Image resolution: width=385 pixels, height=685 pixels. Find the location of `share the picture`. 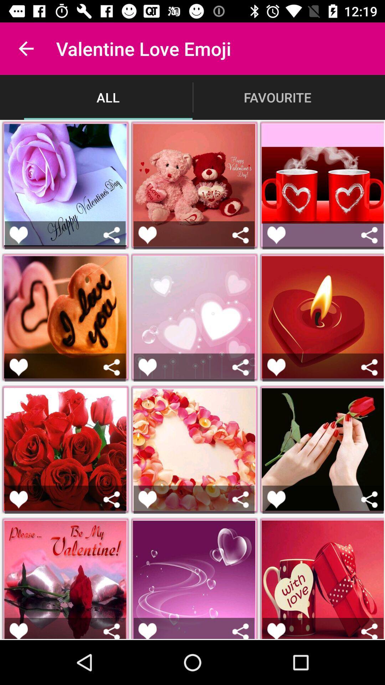

share the picture is located at coordinates (241, 631).